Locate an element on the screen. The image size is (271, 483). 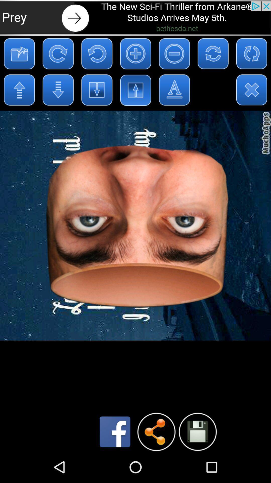
share the image is located at coordinates (156, 431).